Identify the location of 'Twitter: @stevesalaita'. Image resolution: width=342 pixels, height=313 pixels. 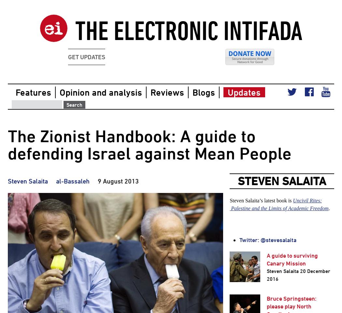
(267, 239).